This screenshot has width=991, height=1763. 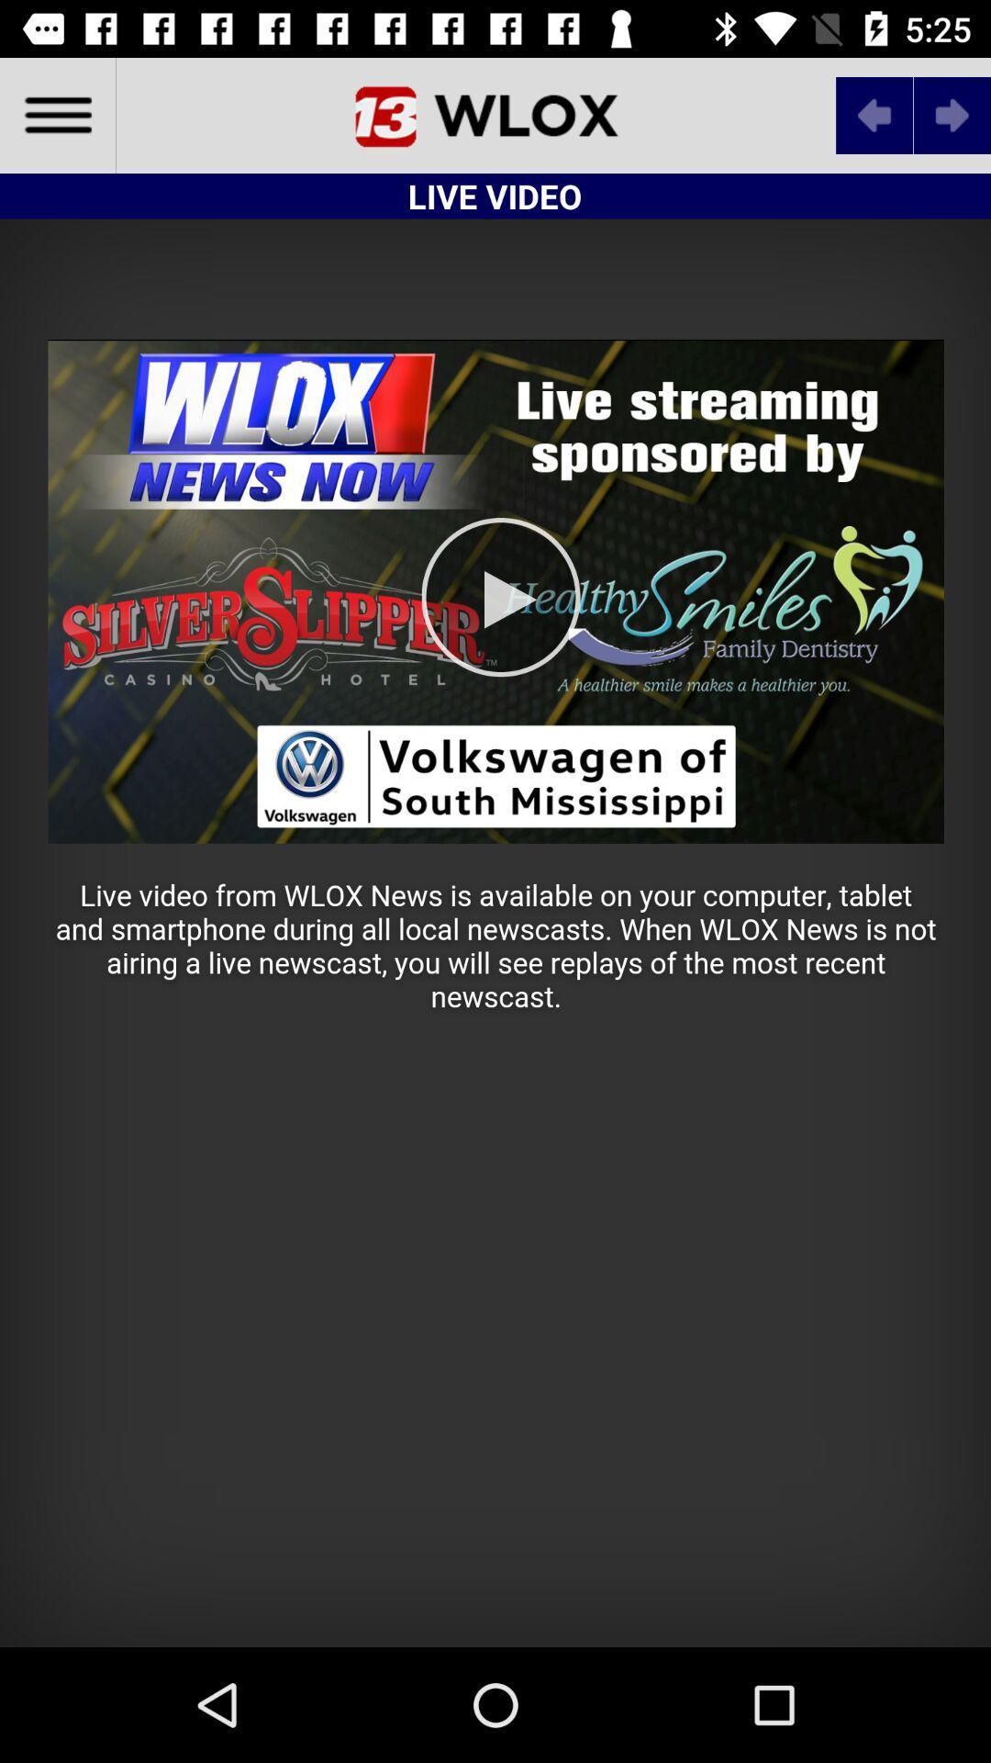 I want to click on the arrow_forward icon, so click(x=951, y=114).